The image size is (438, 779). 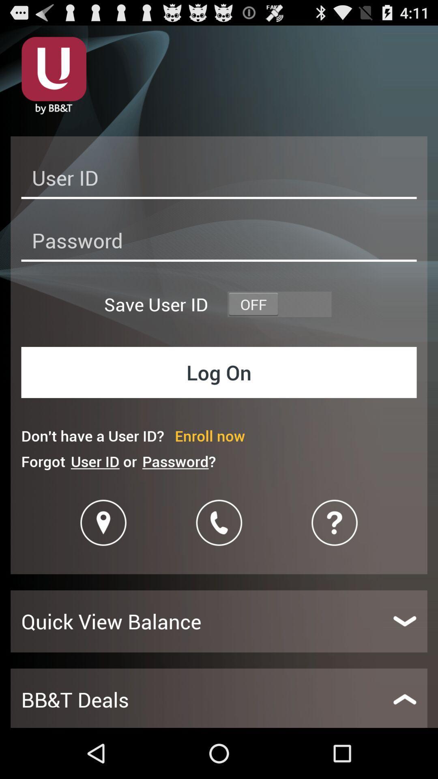 I want to click on item next to don t have item, so click(x=209, y=435).